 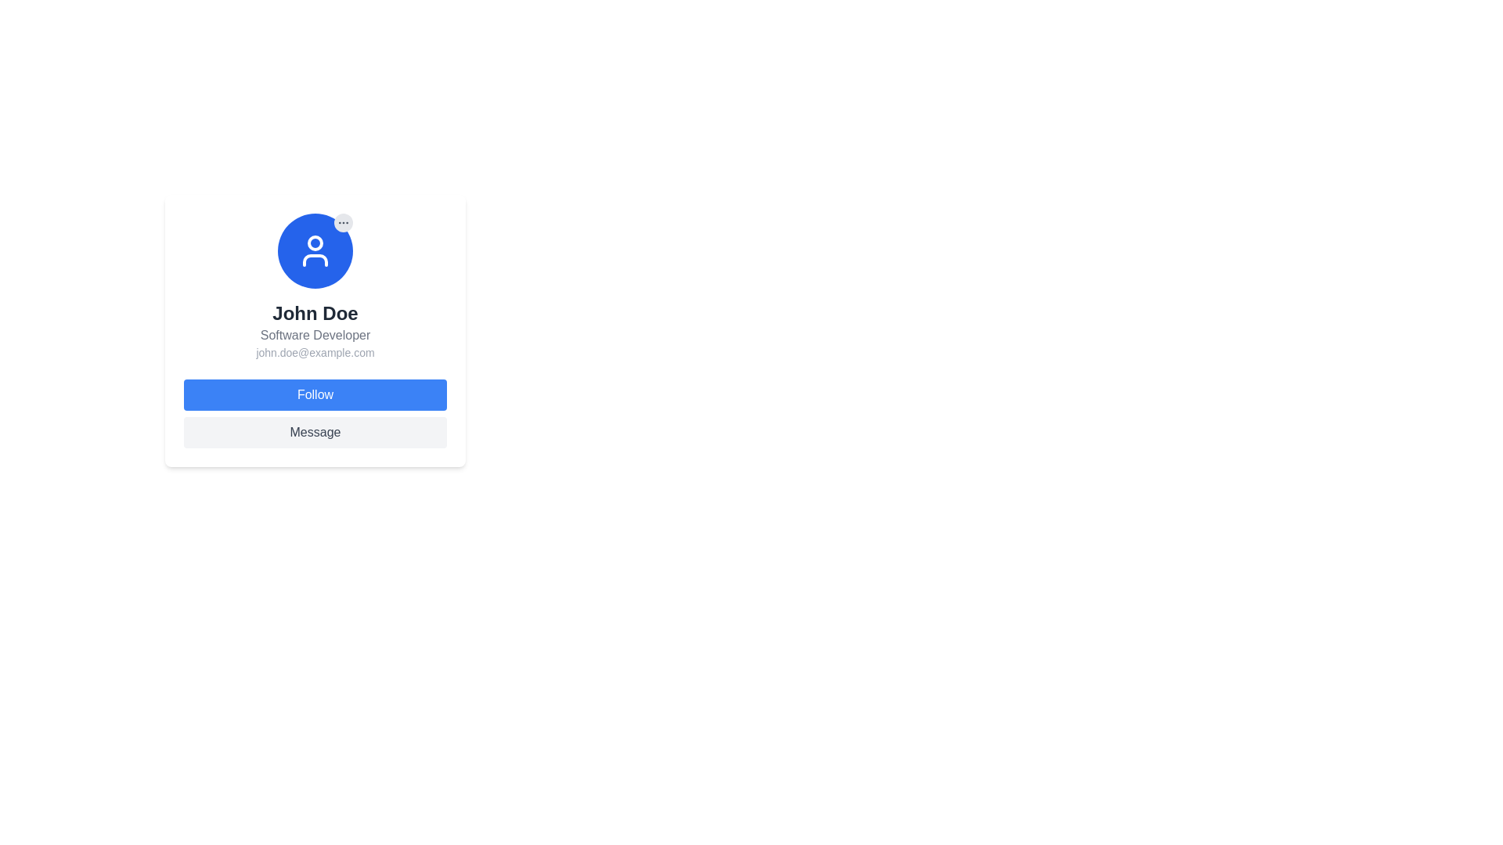 I want to click on the text label displaying 'Software Developer' which is located under 'John Doe' and above 'john.doe@example.com' in the user profile card, so click(x=315, y=334).